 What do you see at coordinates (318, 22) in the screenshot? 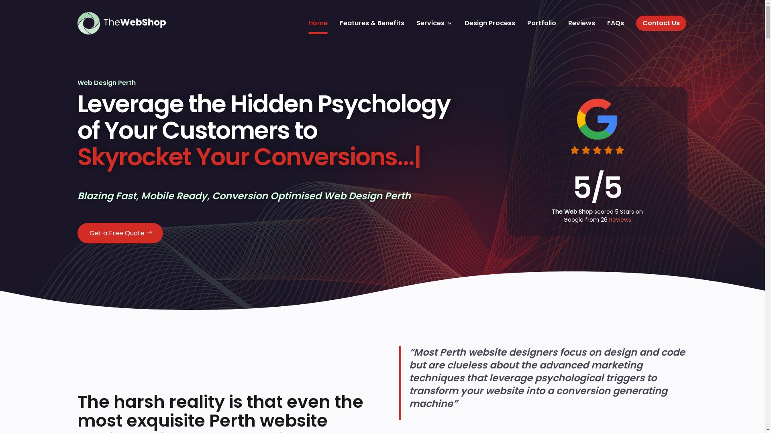
I see `'Home'` at bounding box center [318, 22].